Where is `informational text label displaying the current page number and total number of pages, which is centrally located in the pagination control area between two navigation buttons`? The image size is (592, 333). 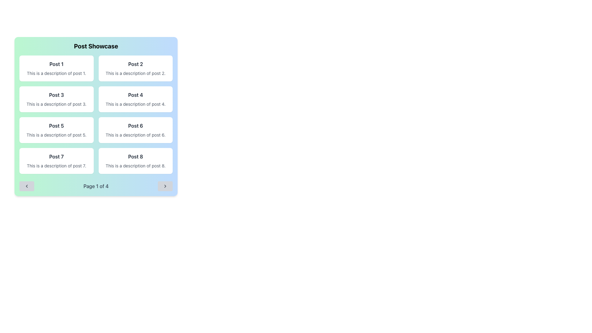 informational text label displaying the current page number and total number of pages, which is centrally located in the pagination control area between two navigation buttons is located at coordinates (96, 186).